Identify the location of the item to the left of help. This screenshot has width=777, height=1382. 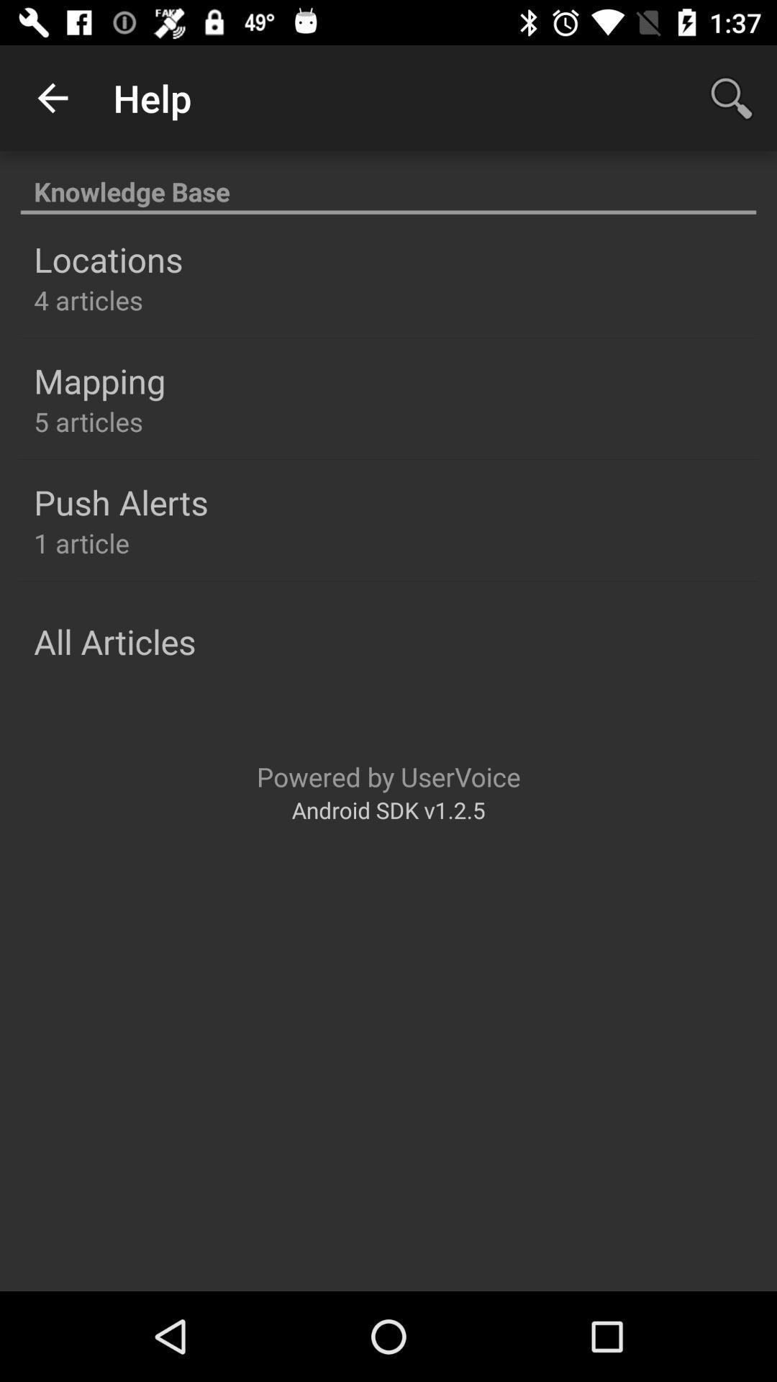
(52, 97).